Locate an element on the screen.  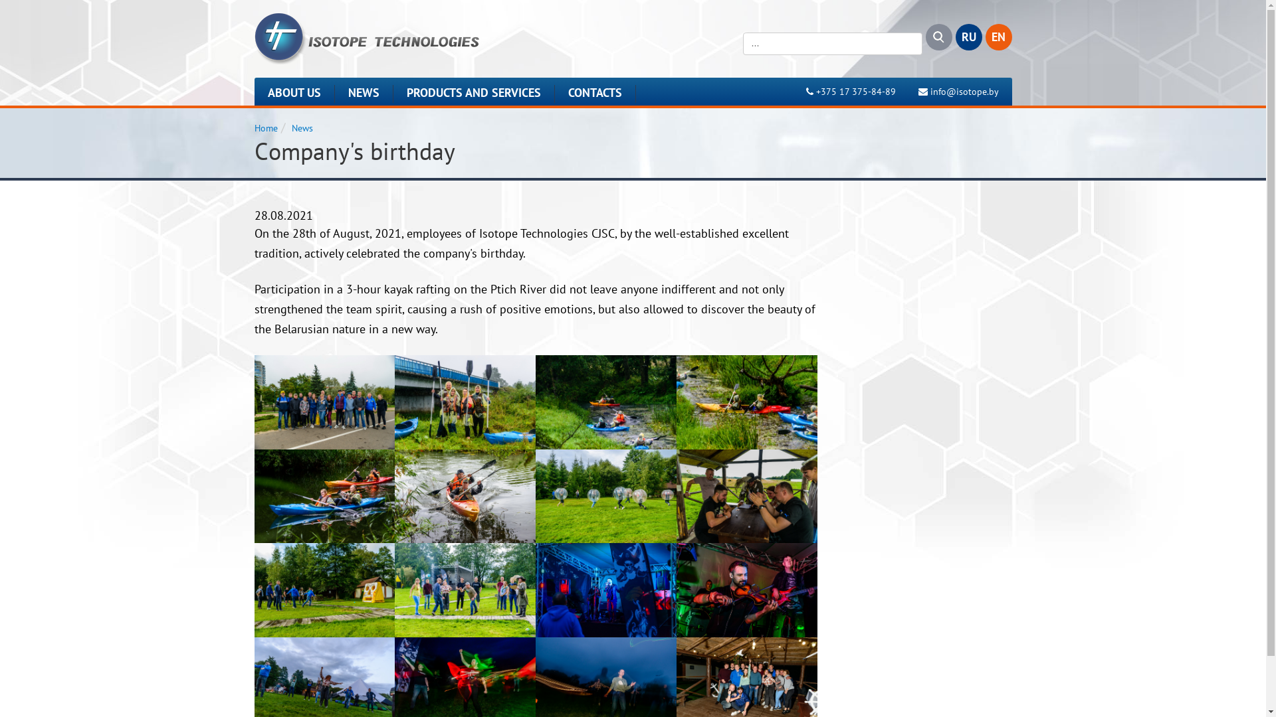
'EN' is located at coordinates (998, 37).